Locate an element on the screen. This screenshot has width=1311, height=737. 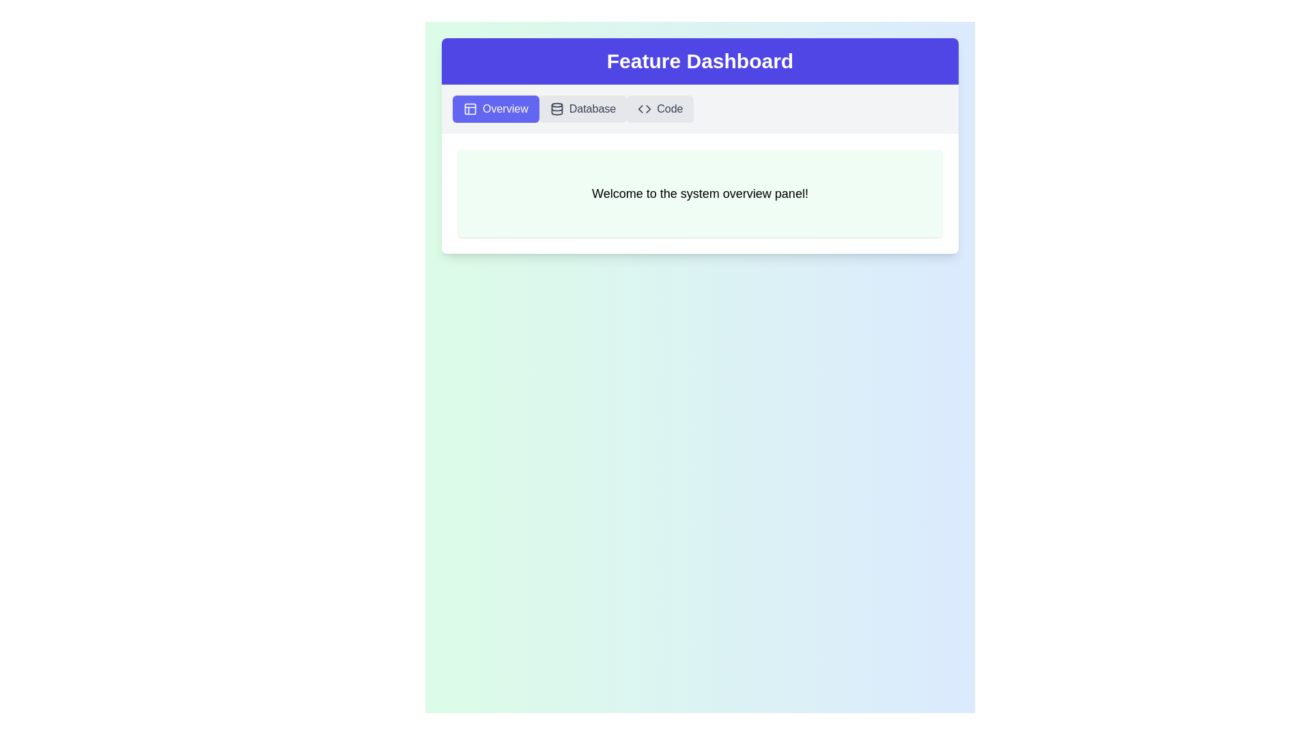
the centered green-highlighted text message box containing the message 'Welcome to the system overview panel!' is located at coordinates (700, 194).